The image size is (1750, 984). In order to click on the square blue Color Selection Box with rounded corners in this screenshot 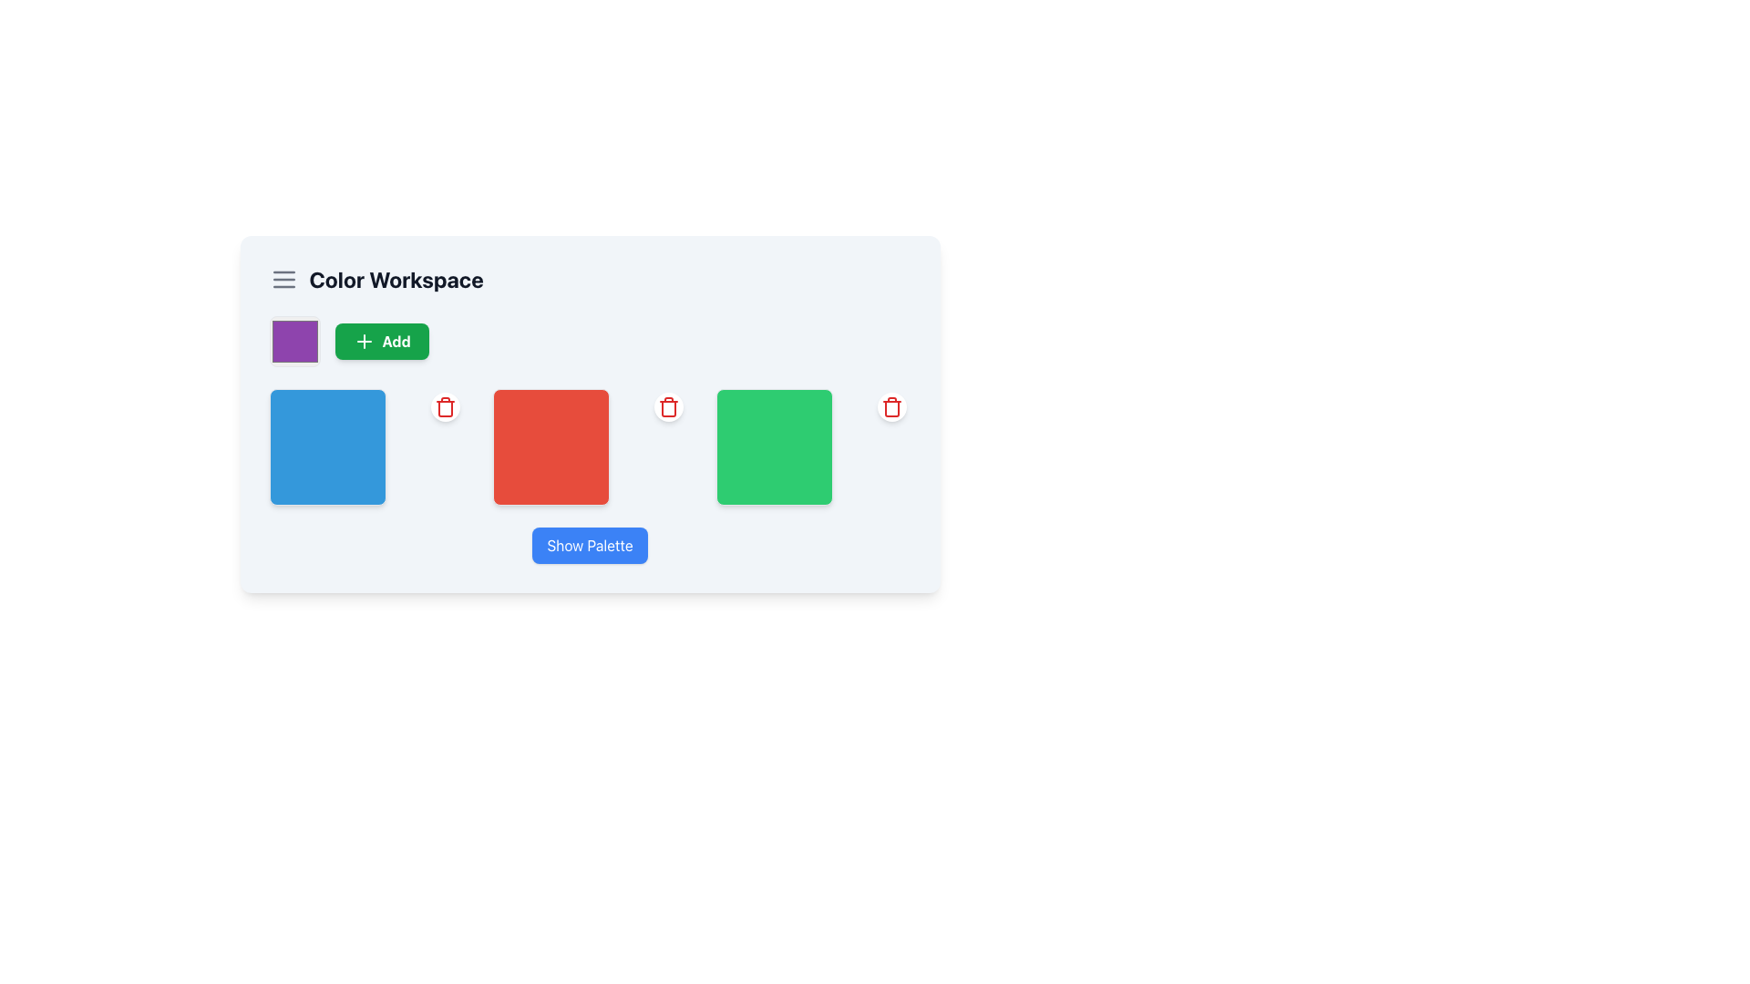, I will do `click(327, 446)`.